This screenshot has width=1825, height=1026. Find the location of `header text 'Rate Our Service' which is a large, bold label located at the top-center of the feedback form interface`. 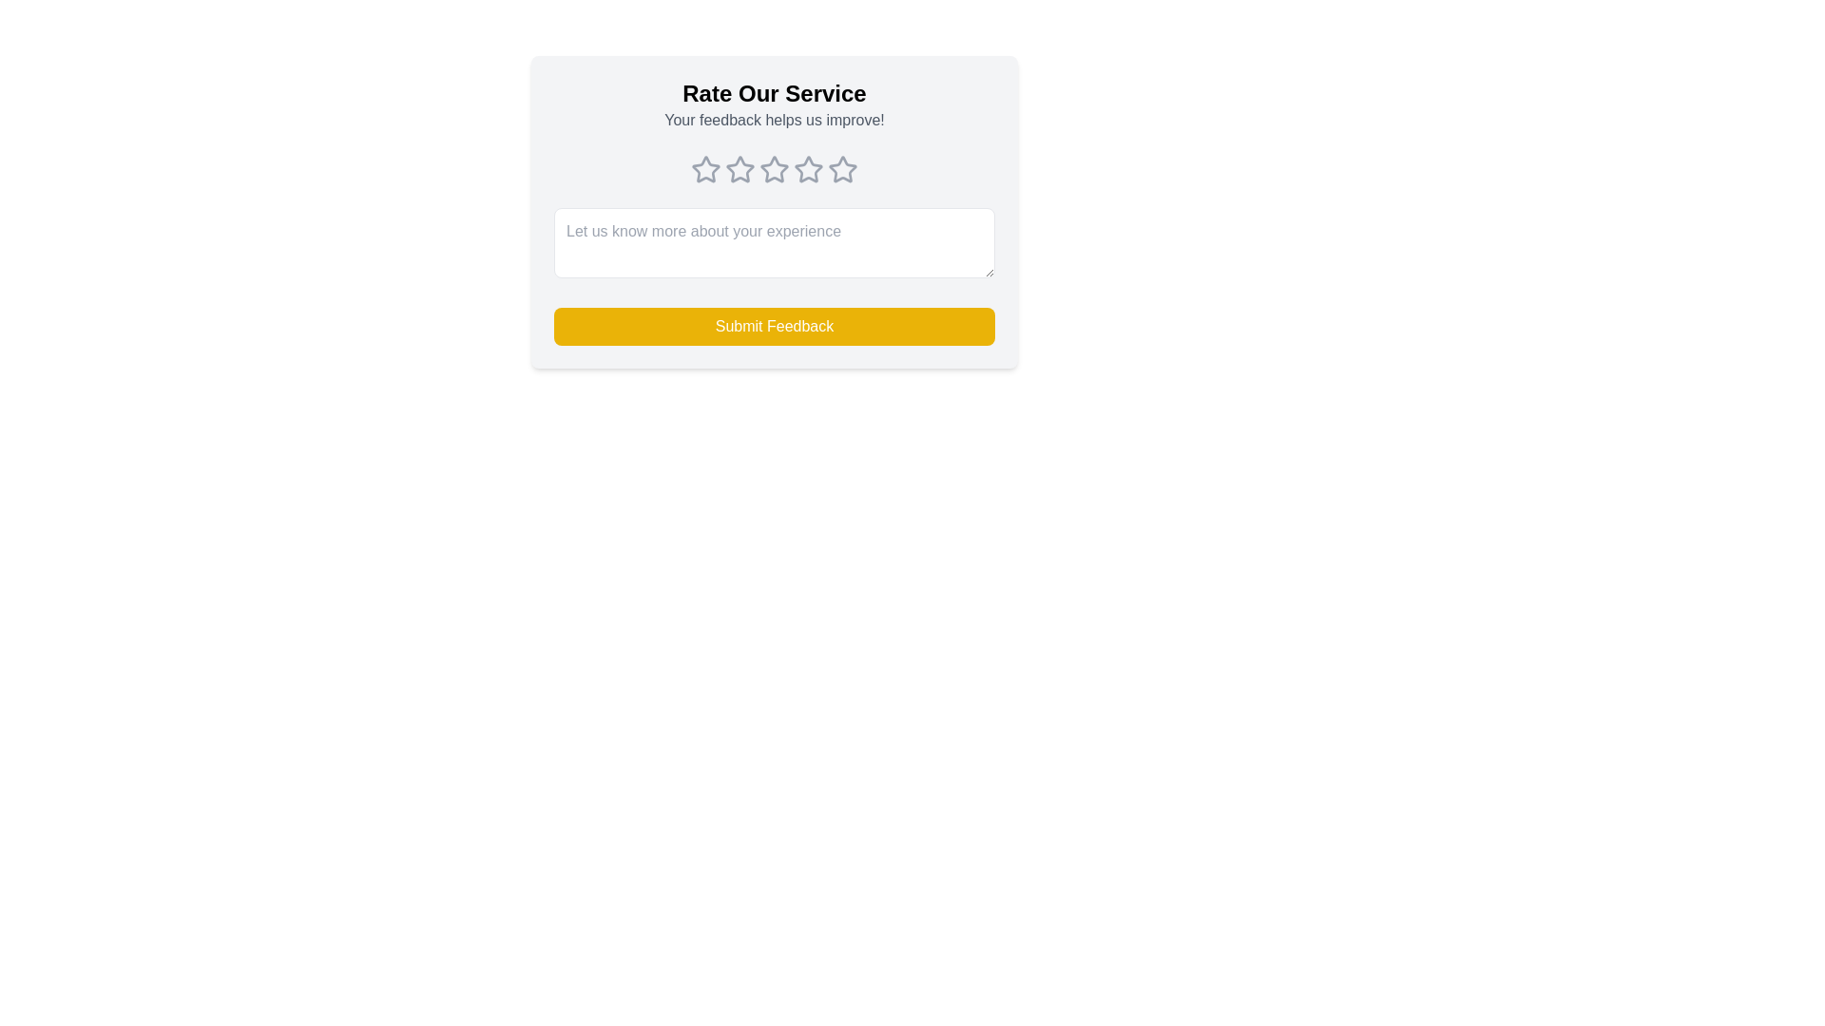

header text 'Rate Our Service' which is a large, bold label located at the top-center of the feedback form interface is located at coordinates (775, 94).